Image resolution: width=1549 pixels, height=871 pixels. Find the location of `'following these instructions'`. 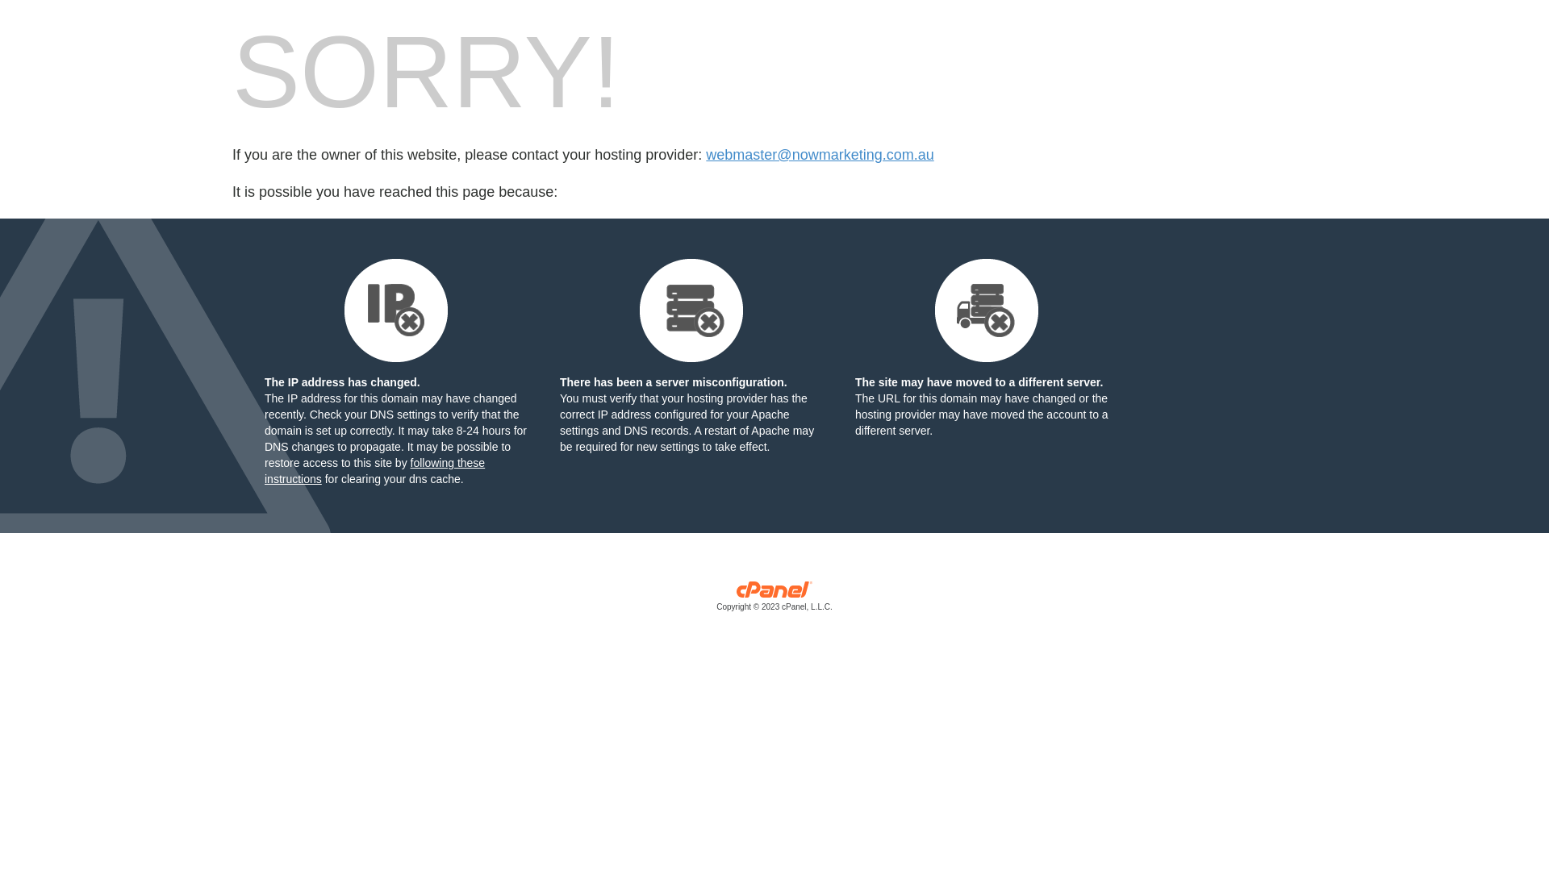

'following these instructions' is located at coordinates (374, 470).